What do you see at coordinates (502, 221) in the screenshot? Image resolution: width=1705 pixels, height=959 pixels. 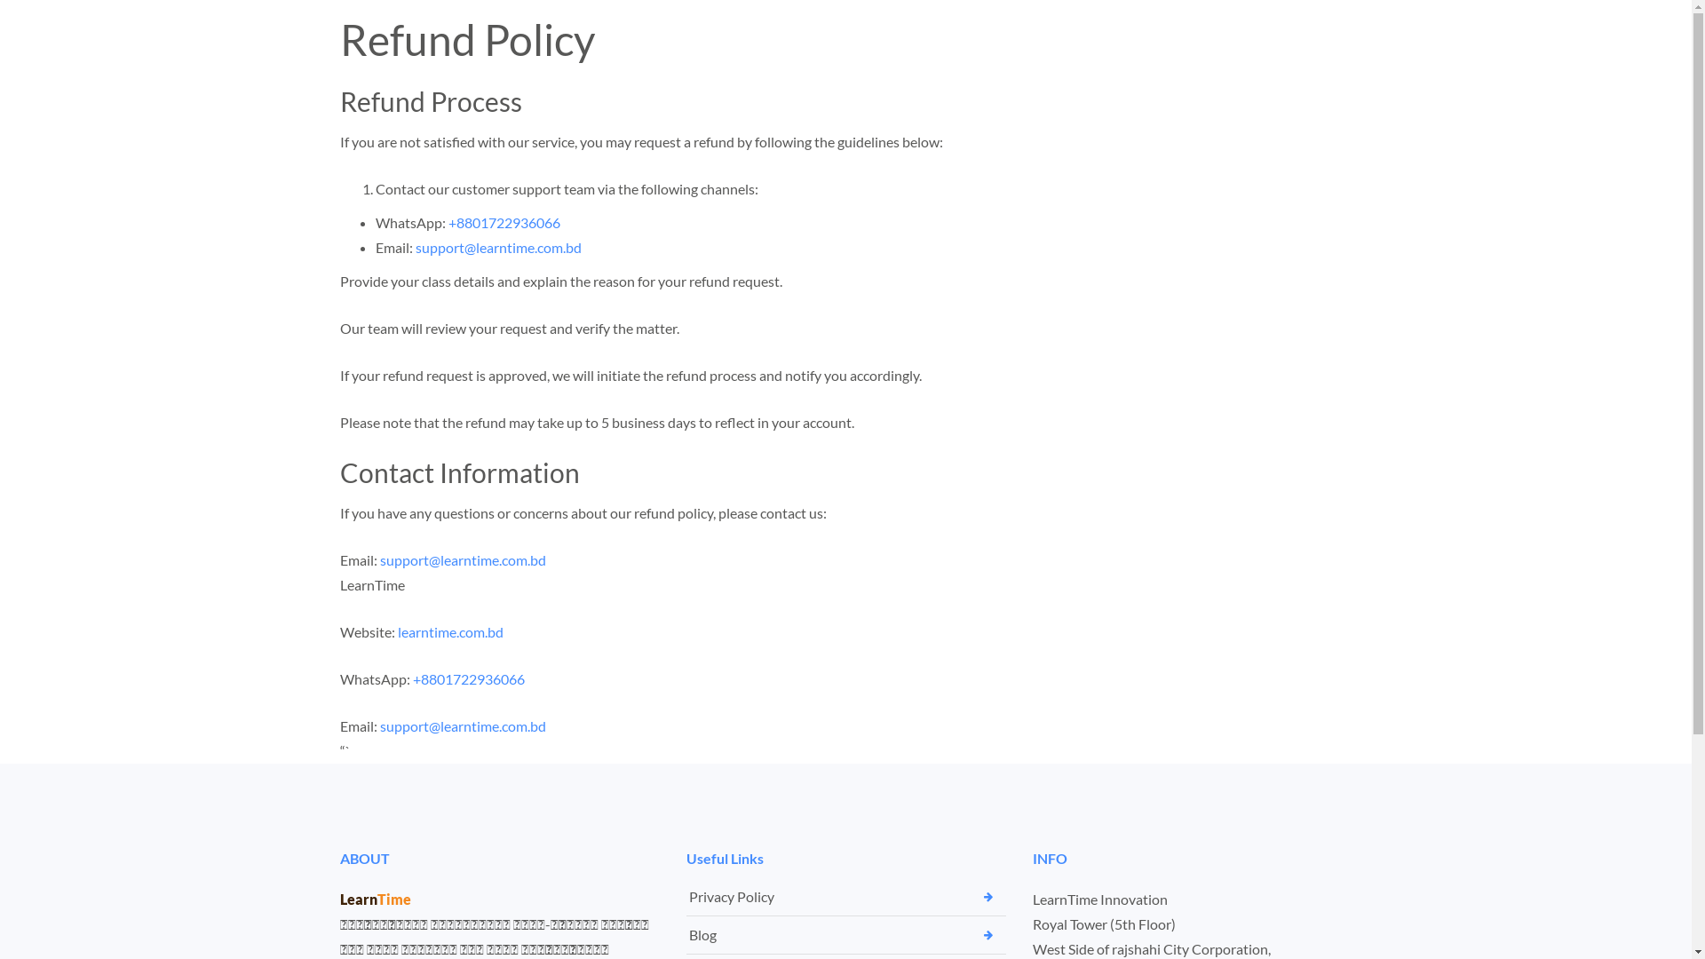 I see `'+8801722936066'` at bounding box center [502, 221].